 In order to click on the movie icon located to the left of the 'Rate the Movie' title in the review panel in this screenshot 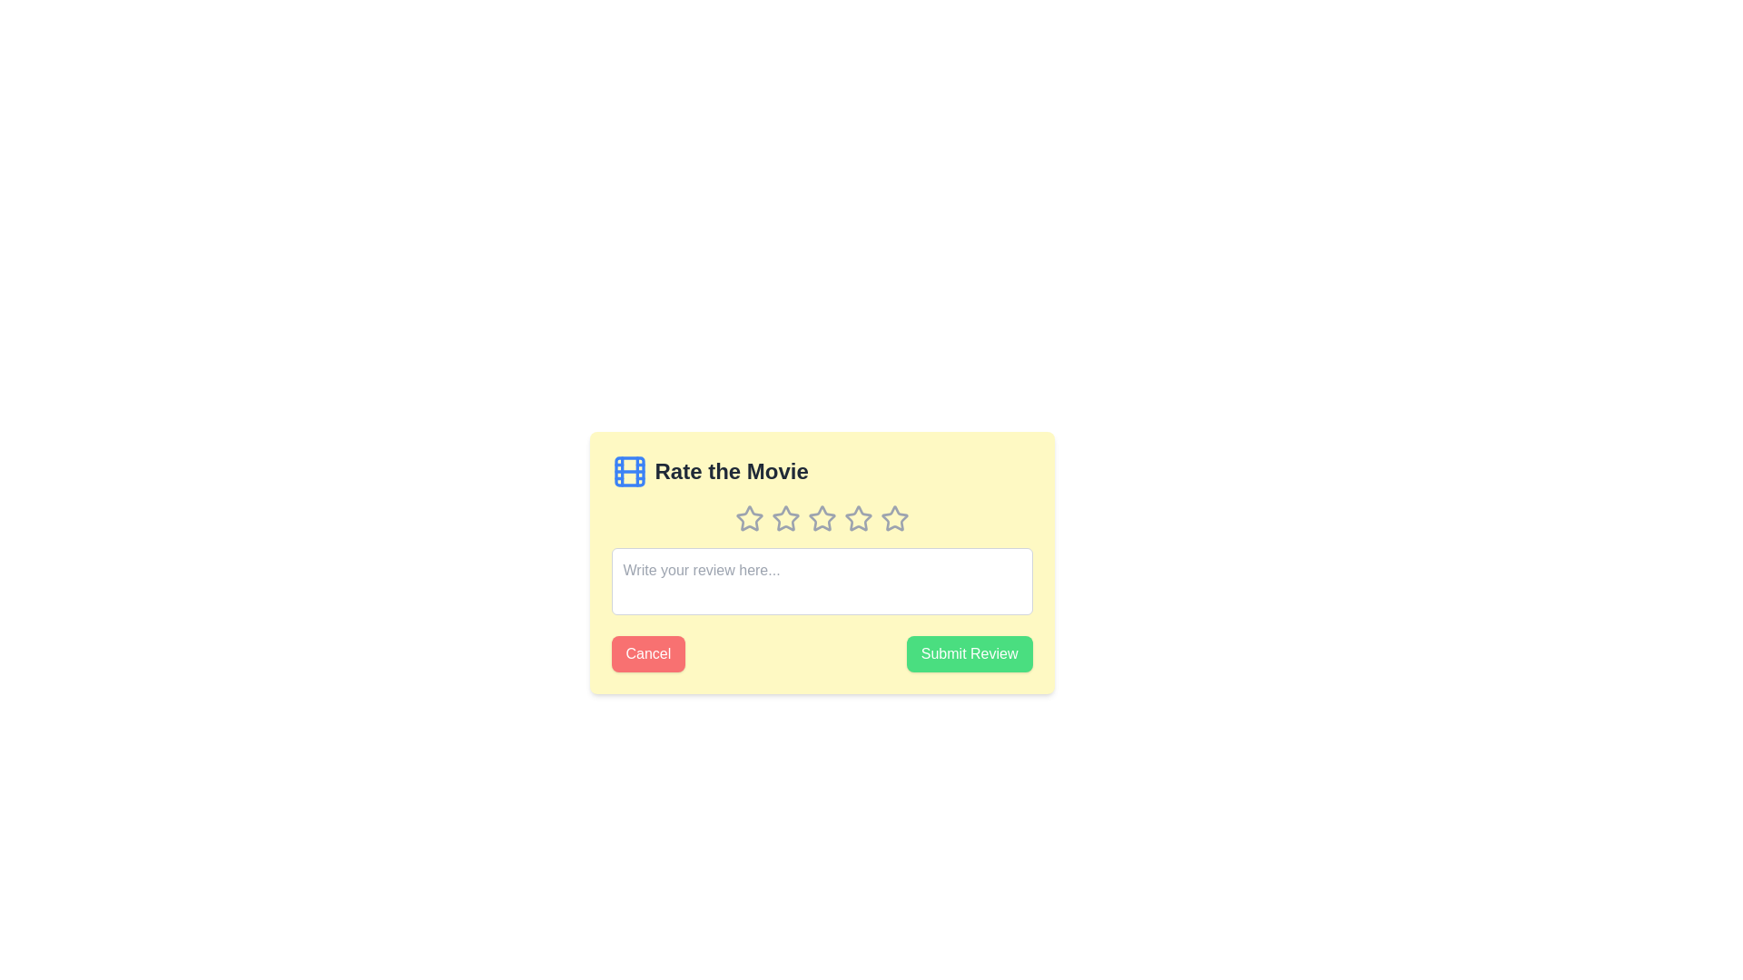, I will do `click(629, 471)`.